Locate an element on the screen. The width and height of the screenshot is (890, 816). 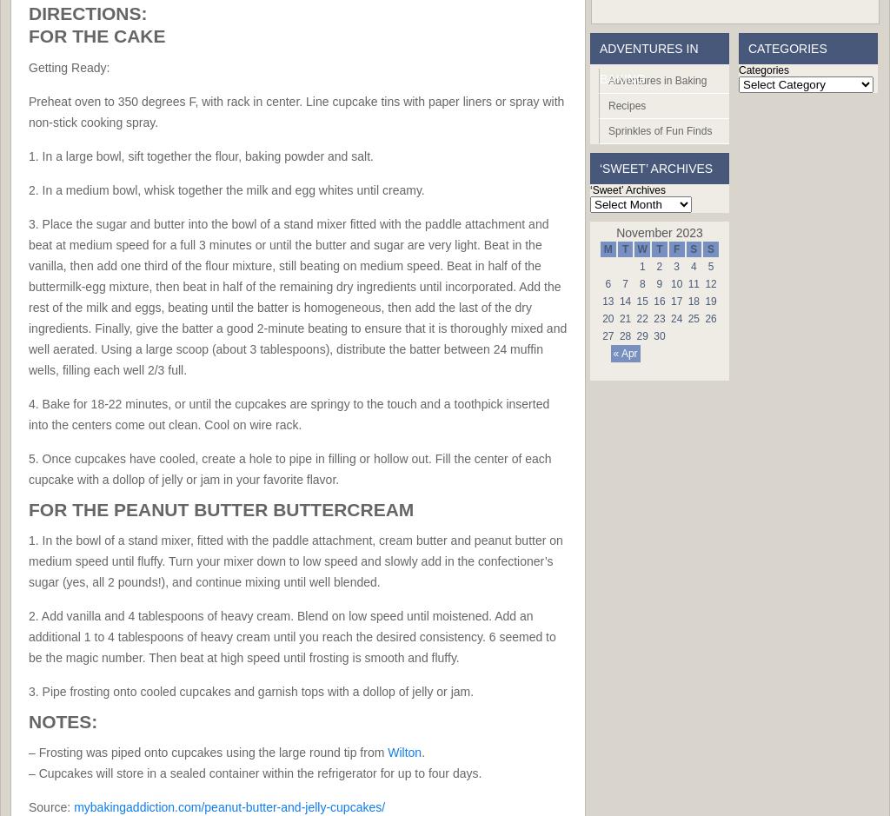
'FOR THE PEANUT BUTTER BUTTERCREAM' is located at coordinates (220, 508).